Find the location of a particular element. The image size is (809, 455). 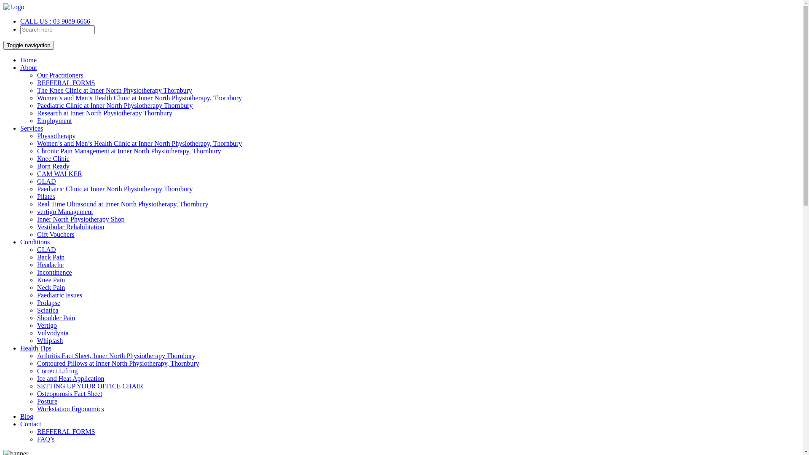

'Arthritis Fact Sheet, Inner North Physiotherapy Thornbury' is located at coordinates (36, 356).